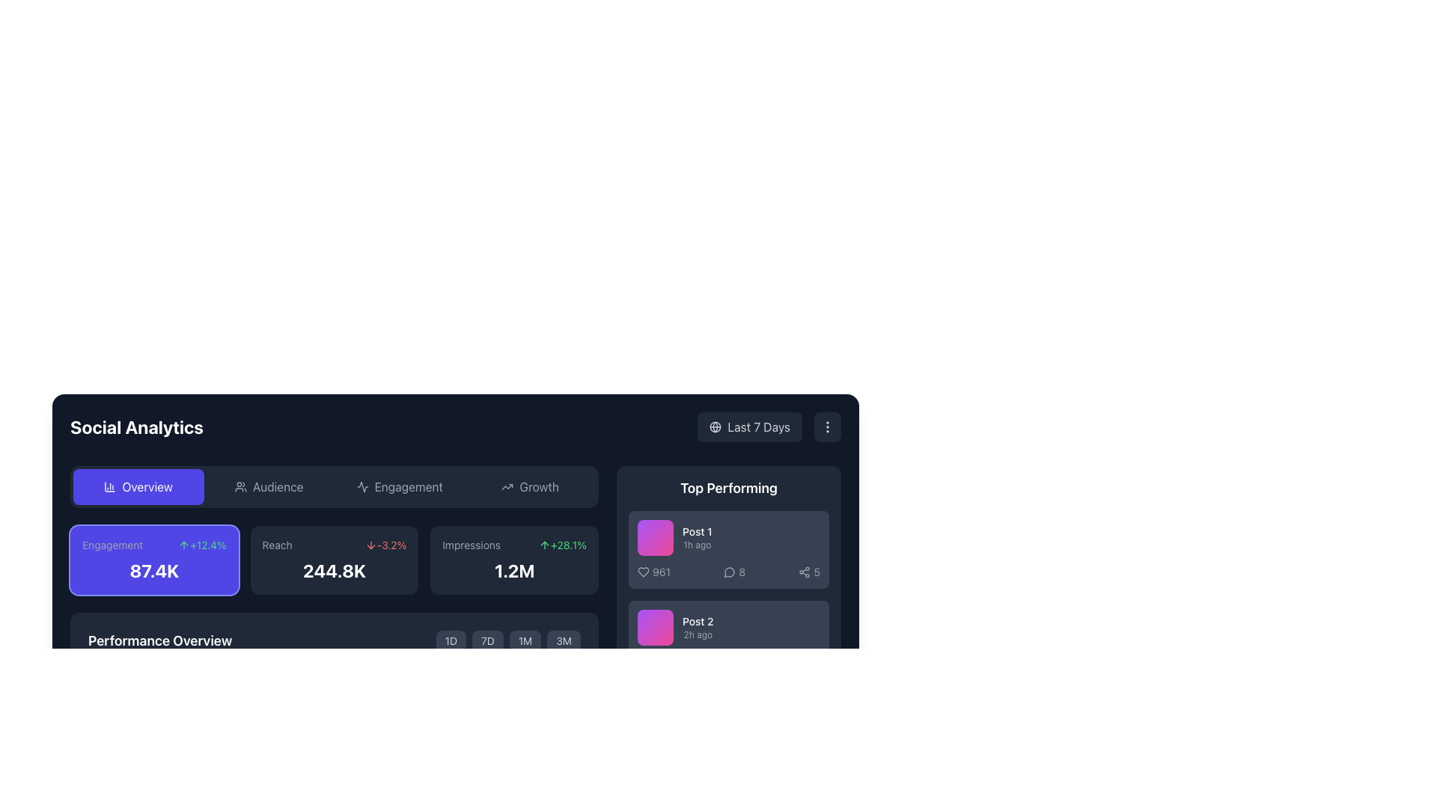 This screenshot has height=808, width=1437. Describe the element at coordinates (826, 426) in the screenshot. I see `the interactive icon located to the right of the 'Last 7 Days' button` at that location.